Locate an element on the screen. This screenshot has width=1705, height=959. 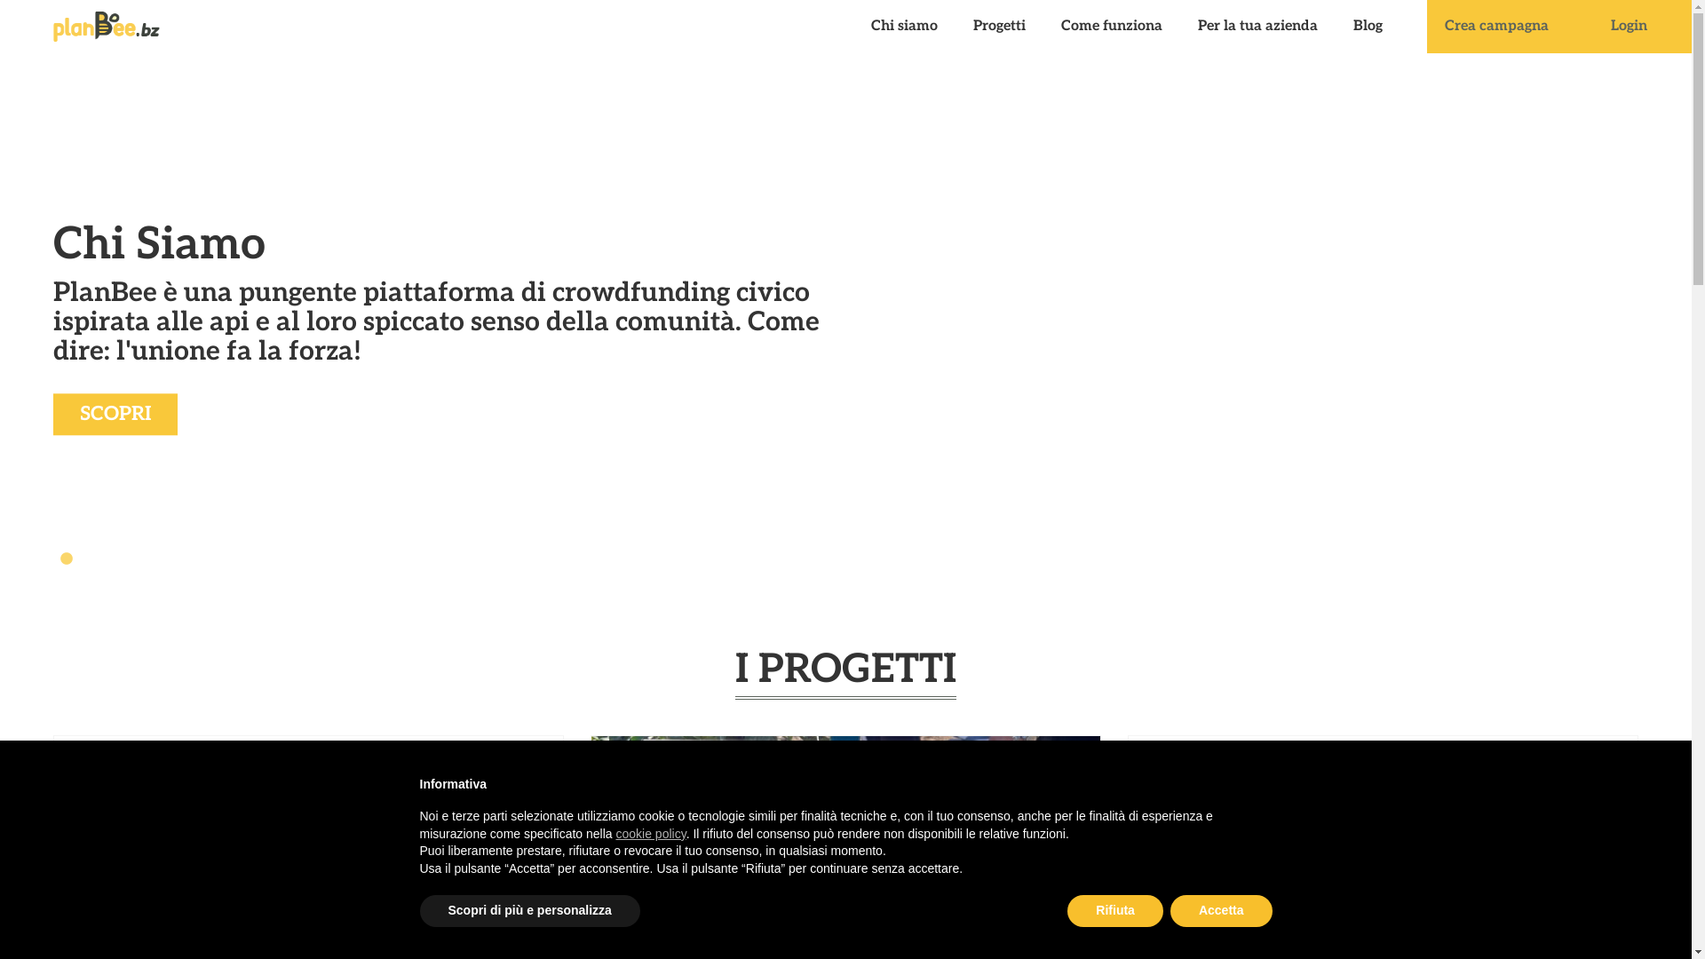
'Crea campagna' is located at coordinates (1495, 27).